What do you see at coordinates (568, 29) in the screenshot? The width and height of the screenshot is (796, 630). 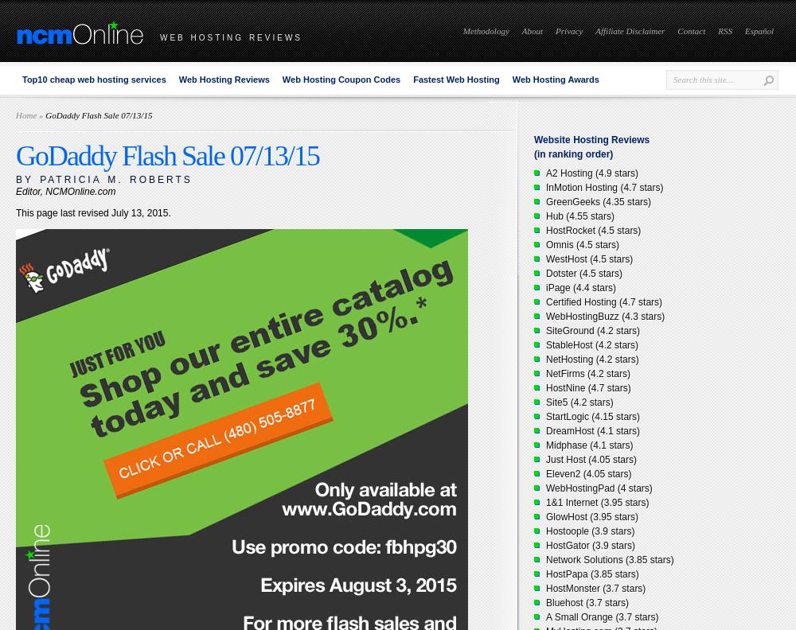 I see `'Privacy'` at bounding box center [568, 29].